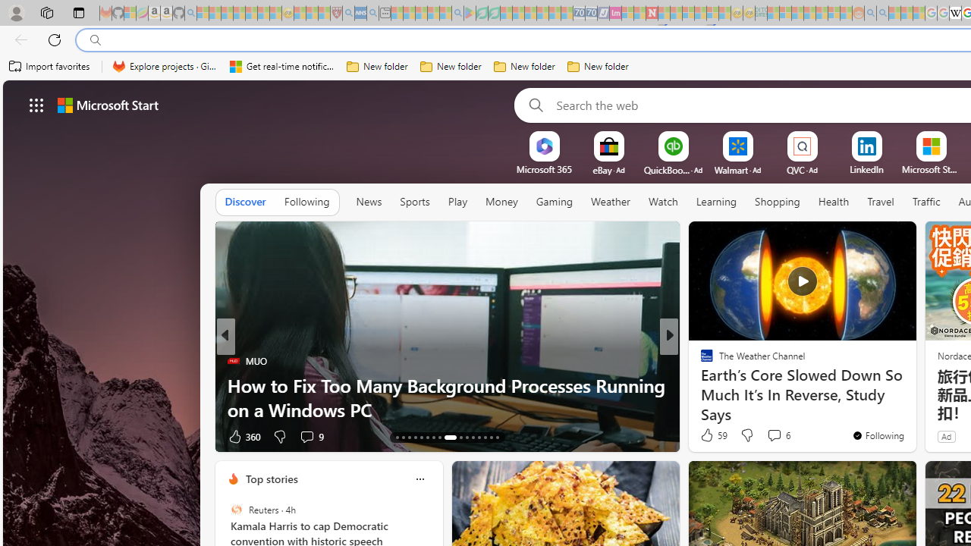  Describe the element at coordinates (415, 201) in the screenshot. I see `'Sports'` at that location.